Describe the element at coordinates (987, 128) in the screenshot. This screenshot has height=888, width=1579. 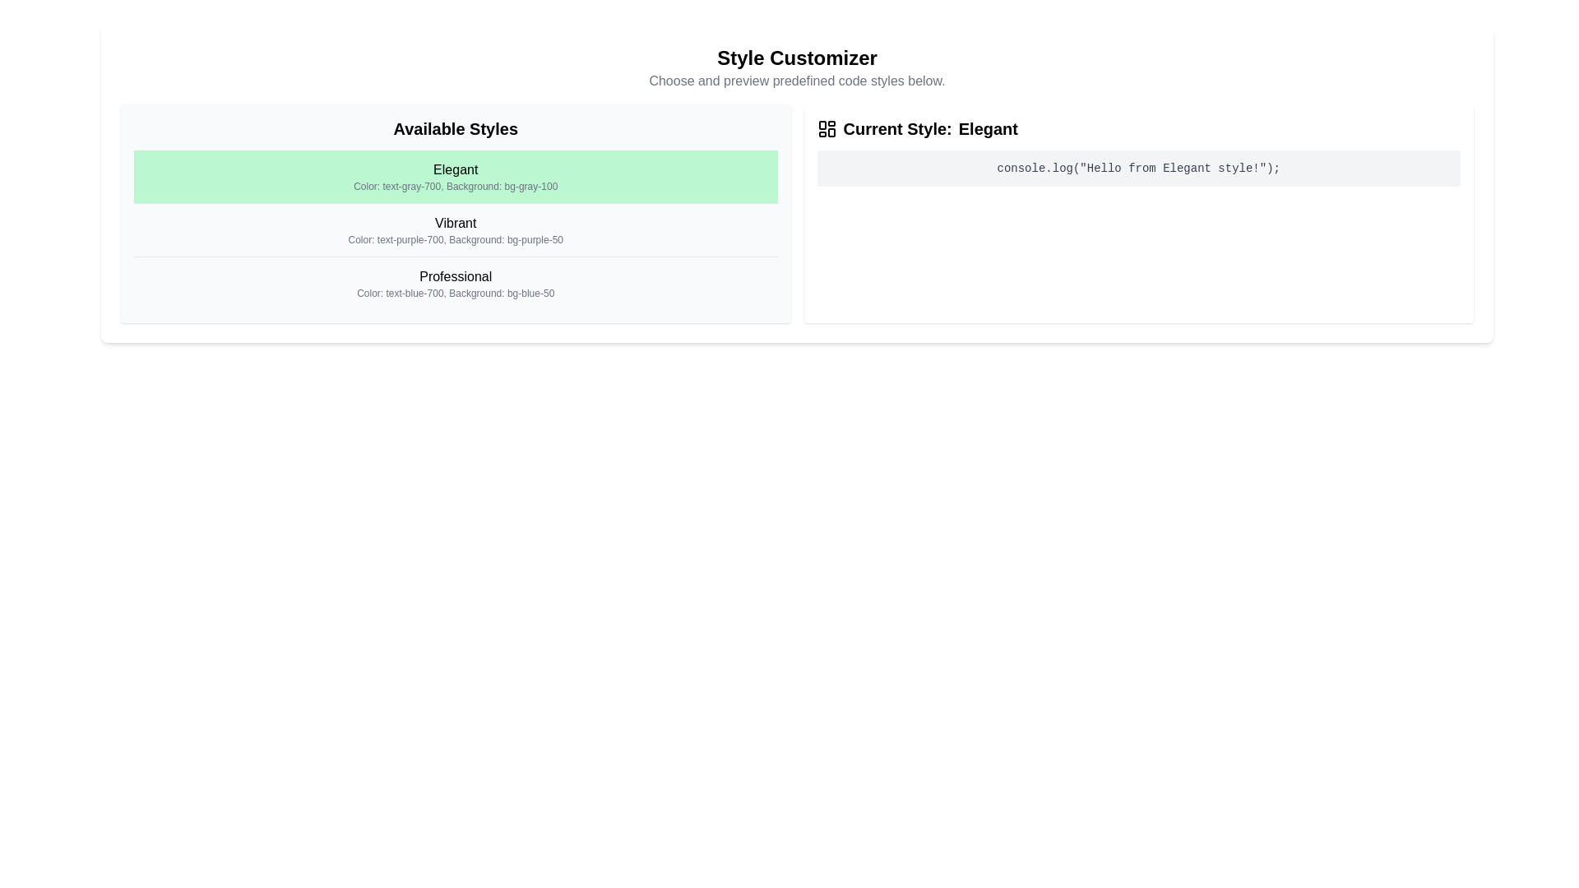
I see `the static text label indicating the currently selected style, located in the 'Current Style' section to the right of the 'Current Style:' label and the layout dashboard icon` at that location.